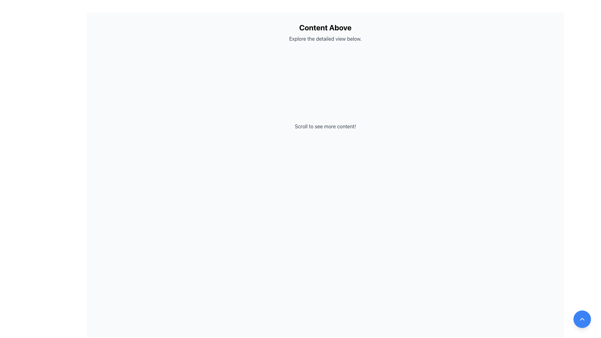  What do you see at coordinates (582, 319) in the screenshot?
I see `the circular blue button located at the bottom-right corner of the interface to scroll to the top` at bounding box center [582, 319].